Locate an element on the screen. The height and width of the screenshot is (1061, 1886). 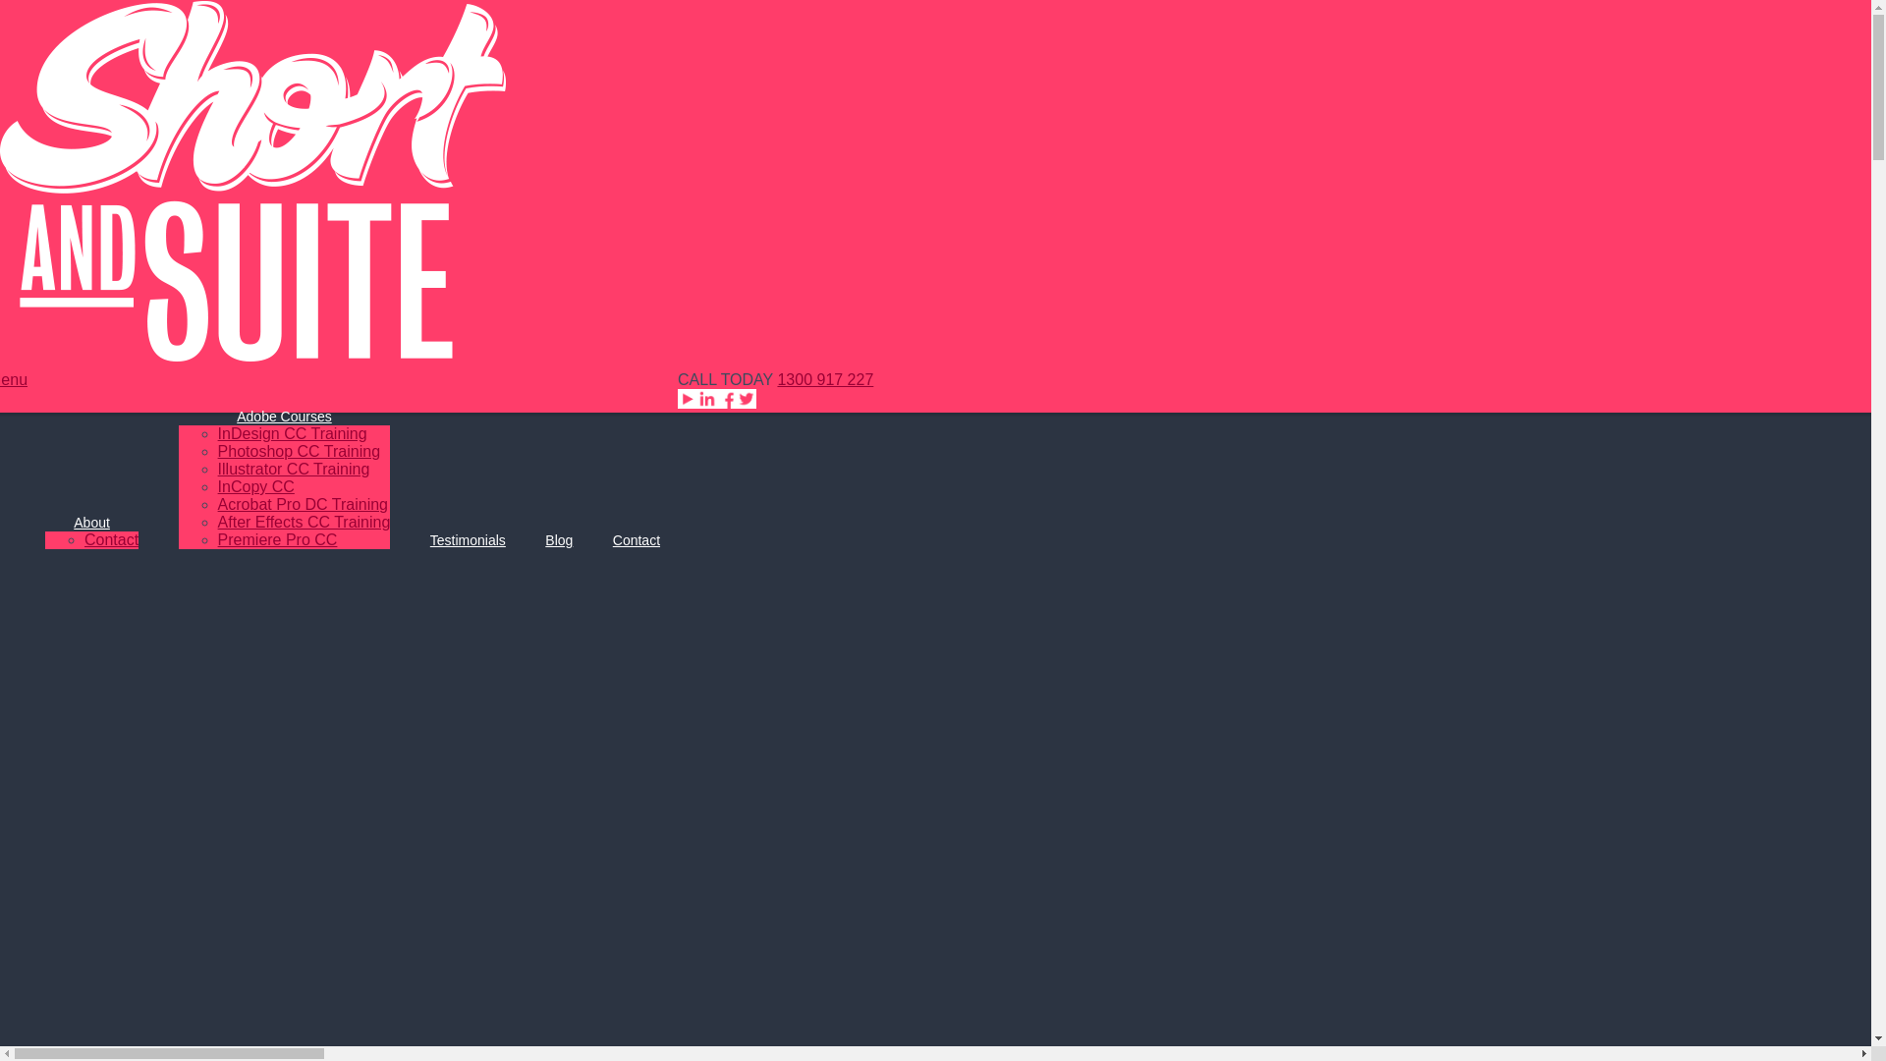
'InCopy CC' is located at coordinates (254, 486).